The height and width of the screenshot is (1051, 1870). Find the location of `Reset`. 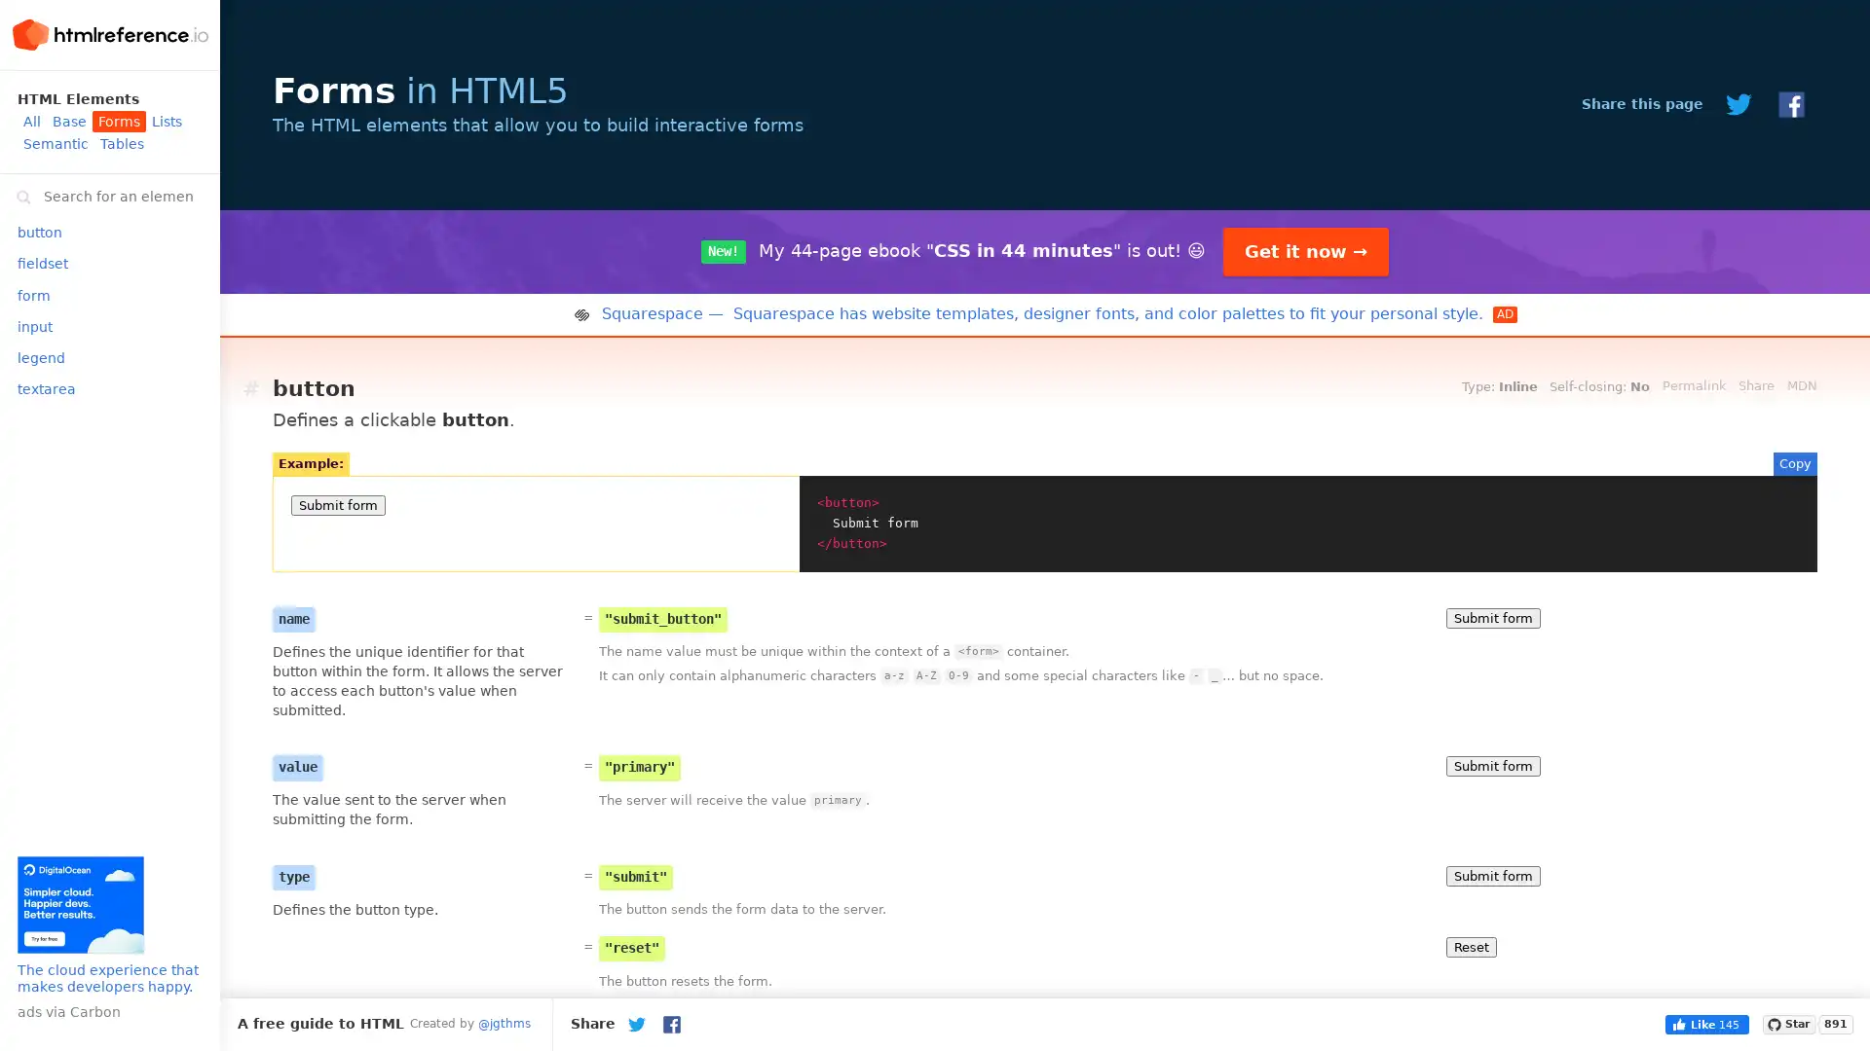

Reset is located at coordinates (1472, 945).